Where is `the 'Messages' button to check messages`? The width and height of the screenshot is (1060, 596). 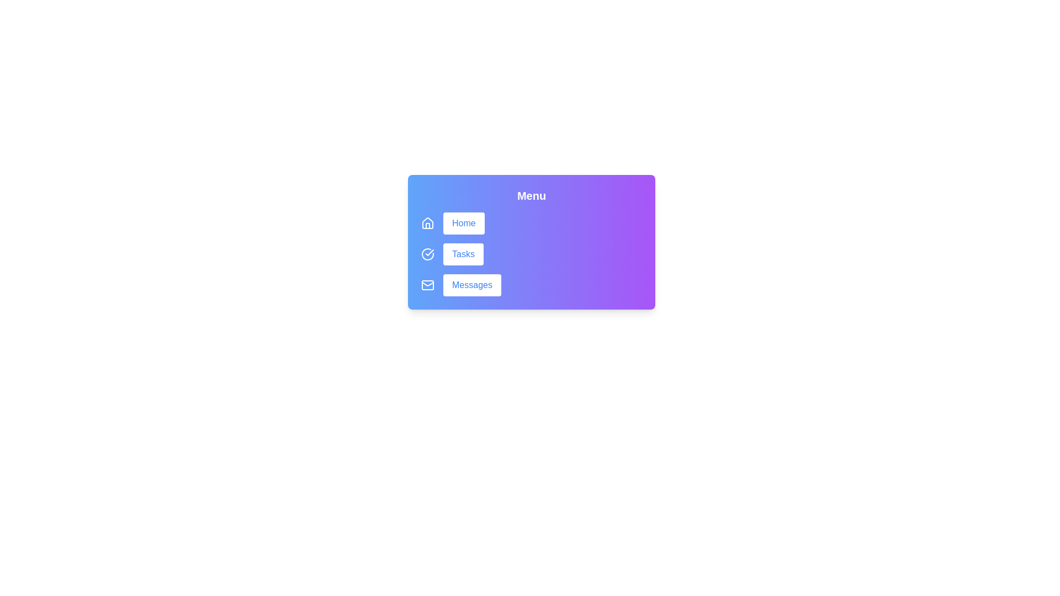
the 'Messages' button to check messages is located at coordinates (471, 284).